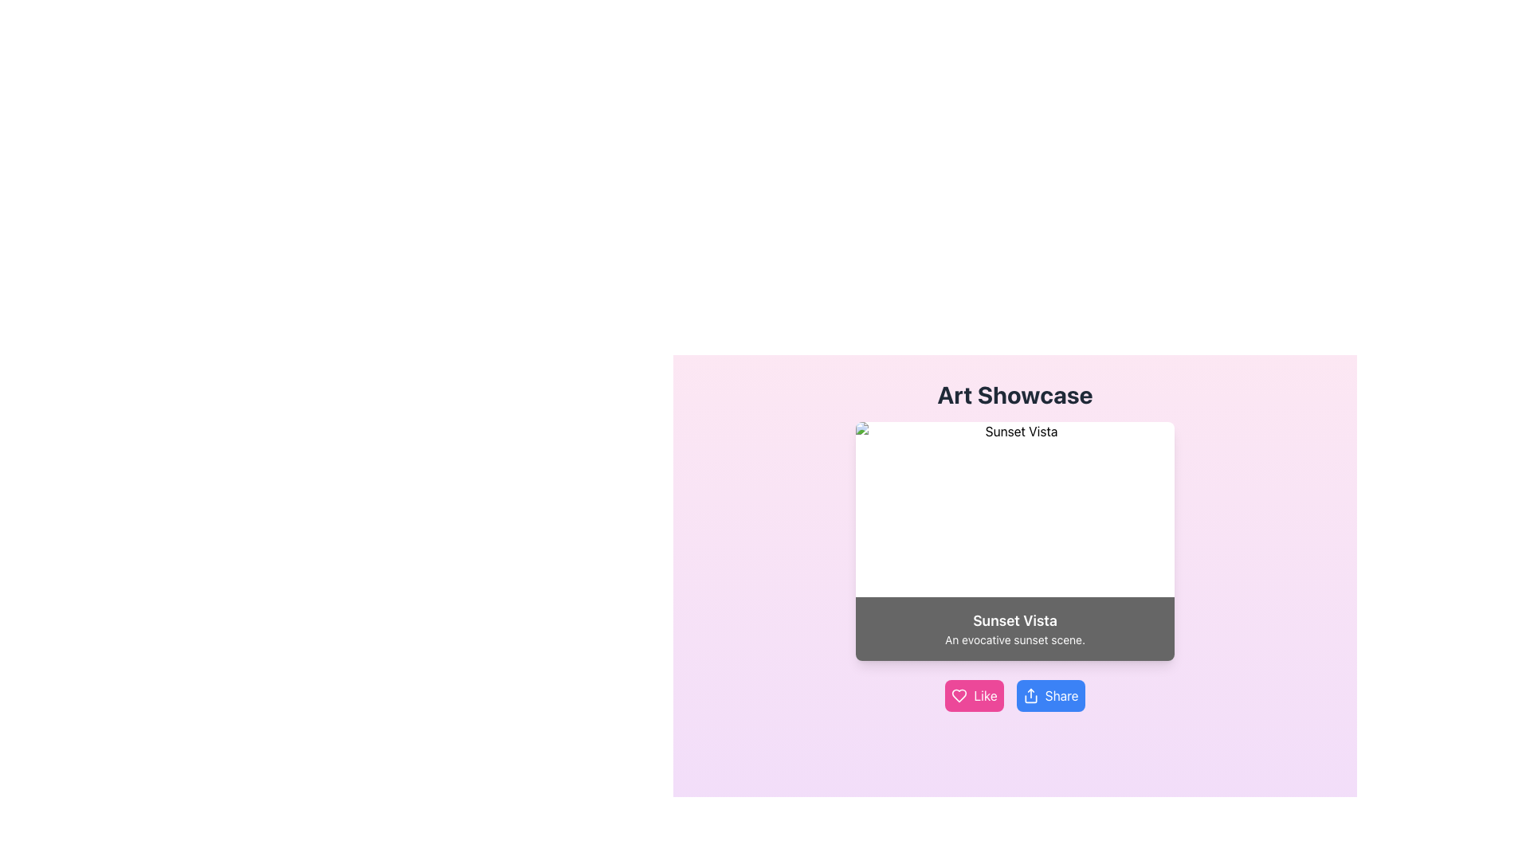 This screenshot has height=860, width=1530. What do you see at coordinates (1014, 639) in the screenshot?
I see `descriptive text label located below the title 'Sunset Vista' in the dark gray bar at the bottom of the card-like layout` at bounding box center [1014, 639].